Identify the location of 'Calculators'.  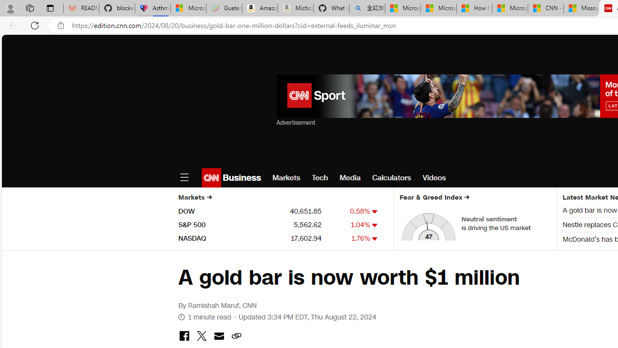
(392, 177).